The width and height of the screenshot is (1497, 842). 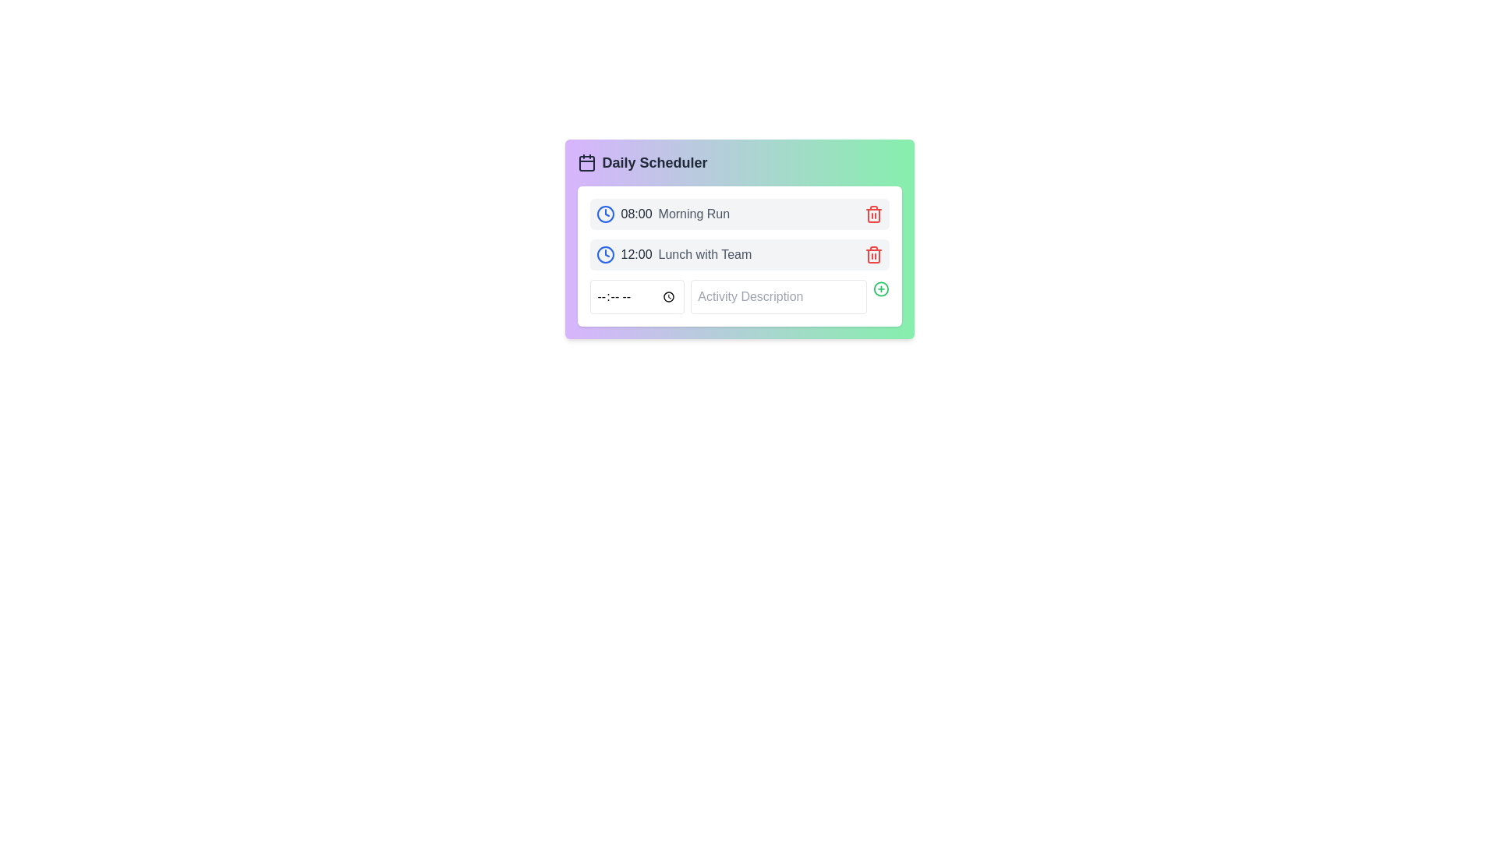 What do you see at coordinates (604, 214) in the screenshot?
I see `the Clock Icon located to the left of the time '08:00' for the activity 'Morning Run', which is the first element in the leftmost position of its row` at bounding box center [604, 214].